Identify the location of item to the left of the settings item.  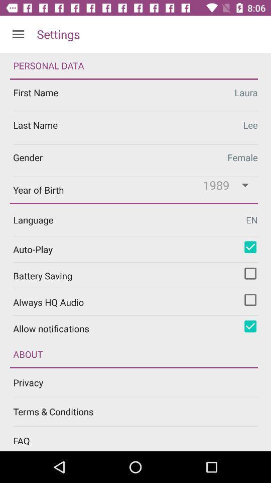
(18, 34).